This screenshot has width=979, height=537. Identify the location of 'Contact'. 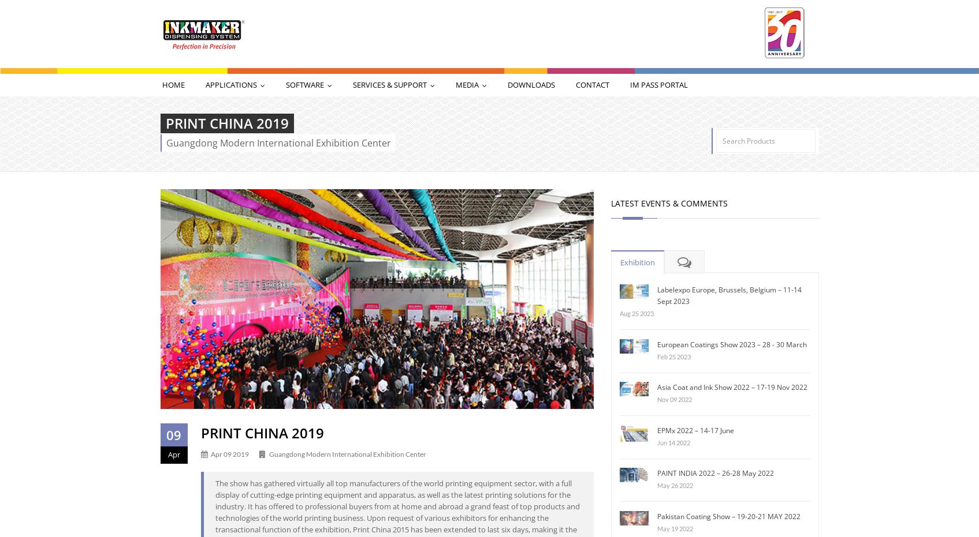
(591, 84).